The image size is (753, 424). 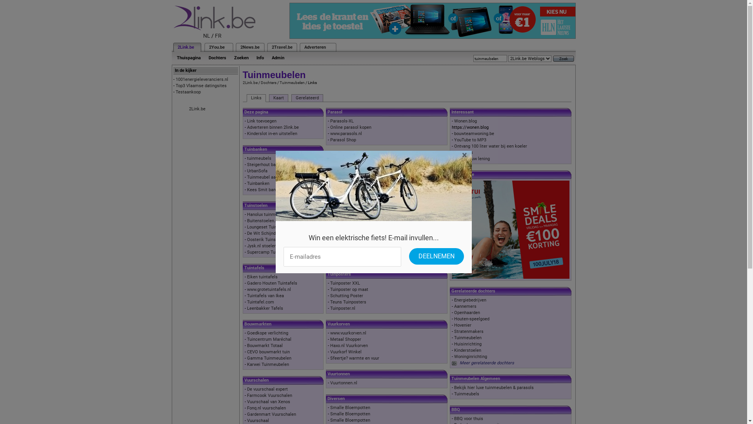 What do you see at coordinates (266, 408) in the screenshot?
I see `'Fonq.nl vuurschalen'` at bounding box center [266, 408].